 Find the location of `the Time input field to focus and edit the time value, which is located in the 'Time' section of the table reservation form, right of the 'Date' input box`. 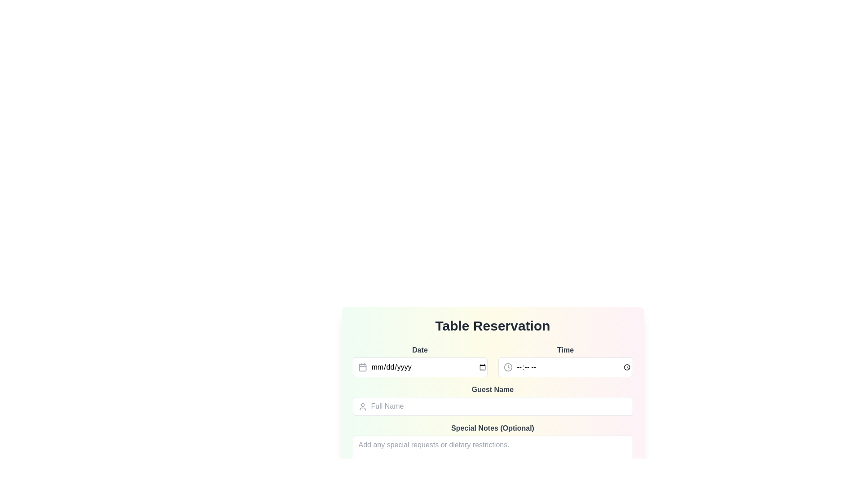

the Time input field to focus and edit the time value, which is located in the 'Time' section of the table reservation form, right of the 'Date' input box is located at coordinates (565, 367).